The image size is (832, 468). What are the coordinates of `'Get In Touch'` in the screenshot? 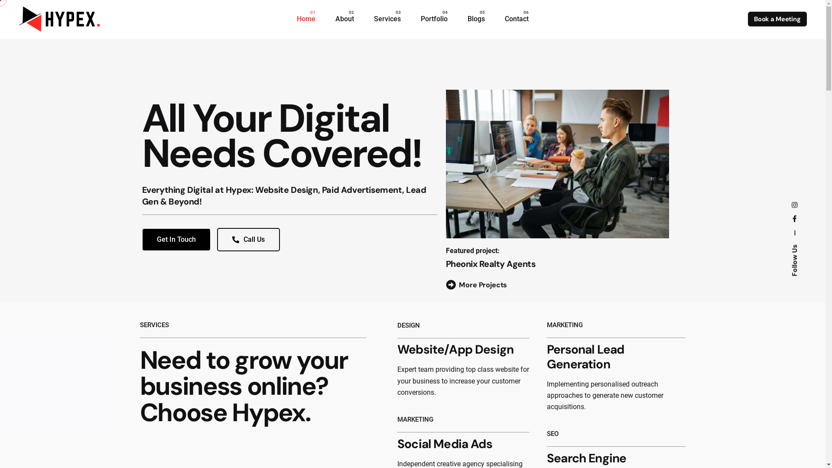 It's located at (176, 239).